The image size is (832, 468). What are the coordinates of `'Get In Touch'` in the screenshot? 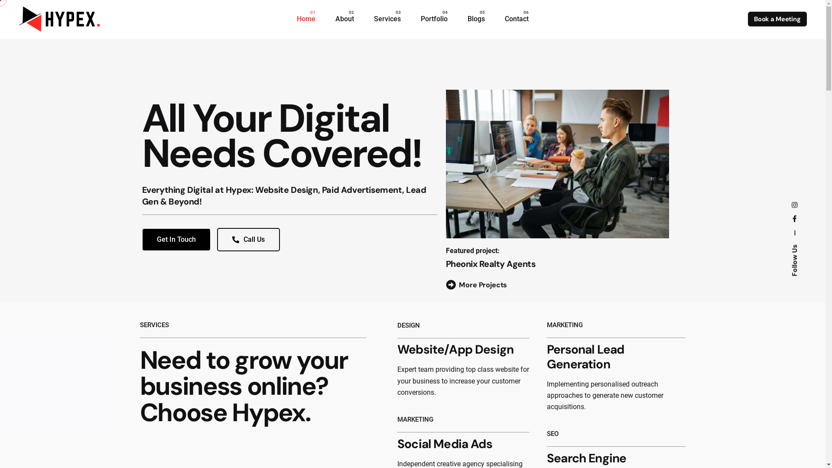 It's located at (176, 239).